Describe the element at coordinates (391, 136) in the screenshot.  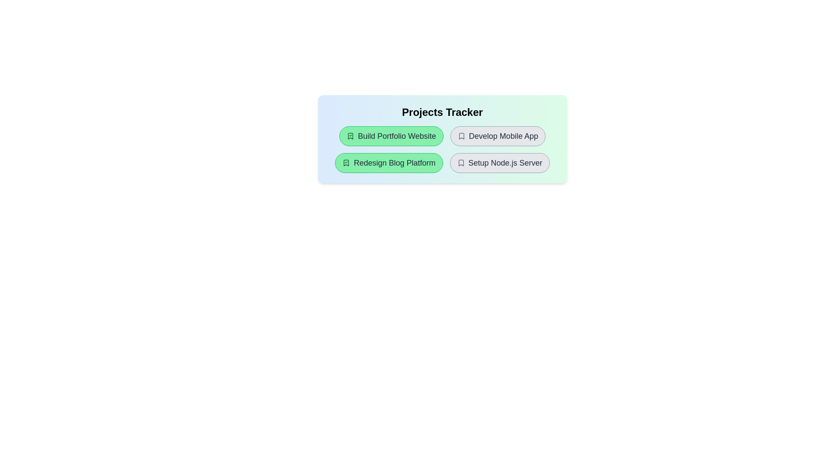
I see `the project item Build Portfolio Website to toggle its completion state` at that location.